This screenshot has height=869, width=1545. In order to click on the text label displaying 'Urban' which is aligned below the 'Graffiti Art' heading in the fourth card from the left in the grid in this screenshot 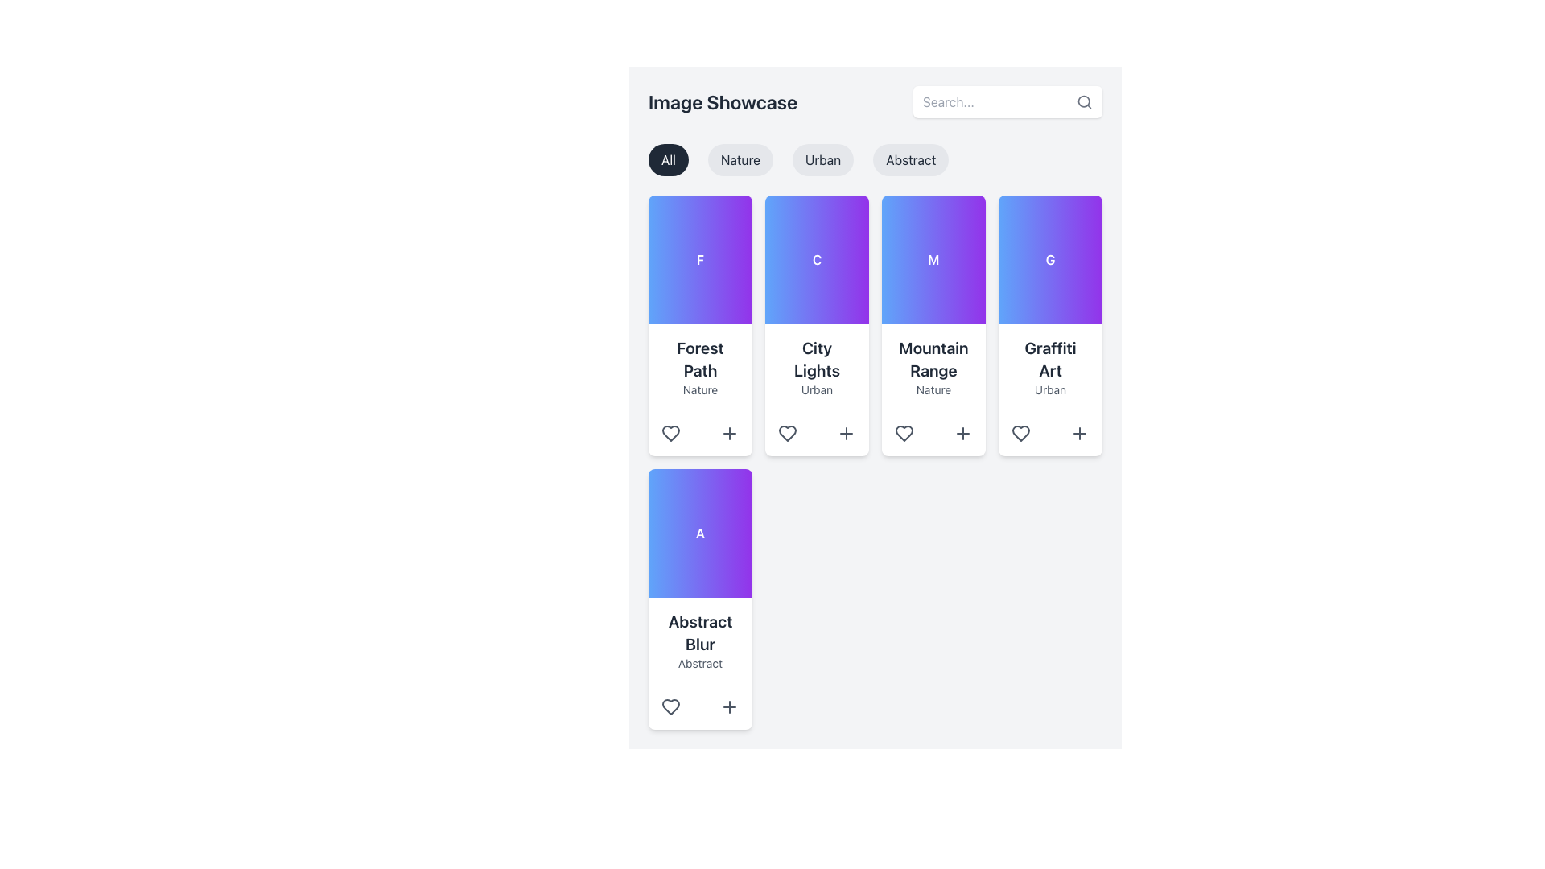, I will do `click(1050, 390)`.